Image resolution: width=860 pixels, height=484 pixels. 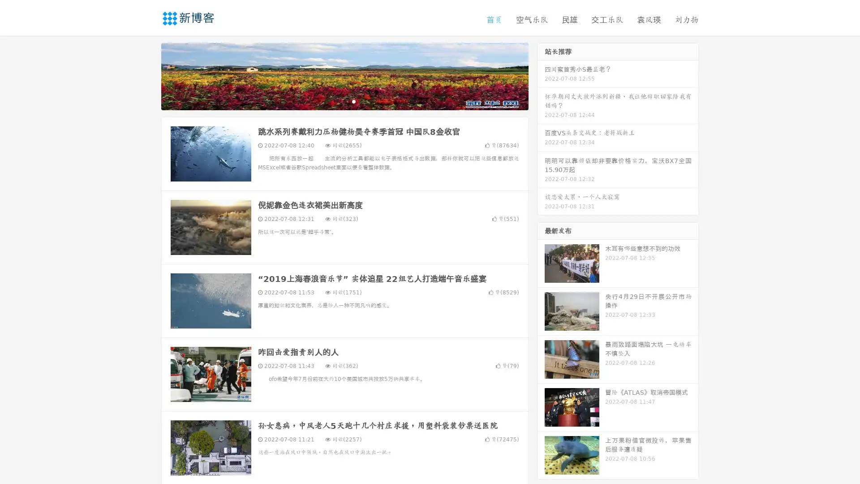 What do you see at coordinates (353, 101) in the screenshot?
I see `Go to slide 3` at bounding box center [353, 101].